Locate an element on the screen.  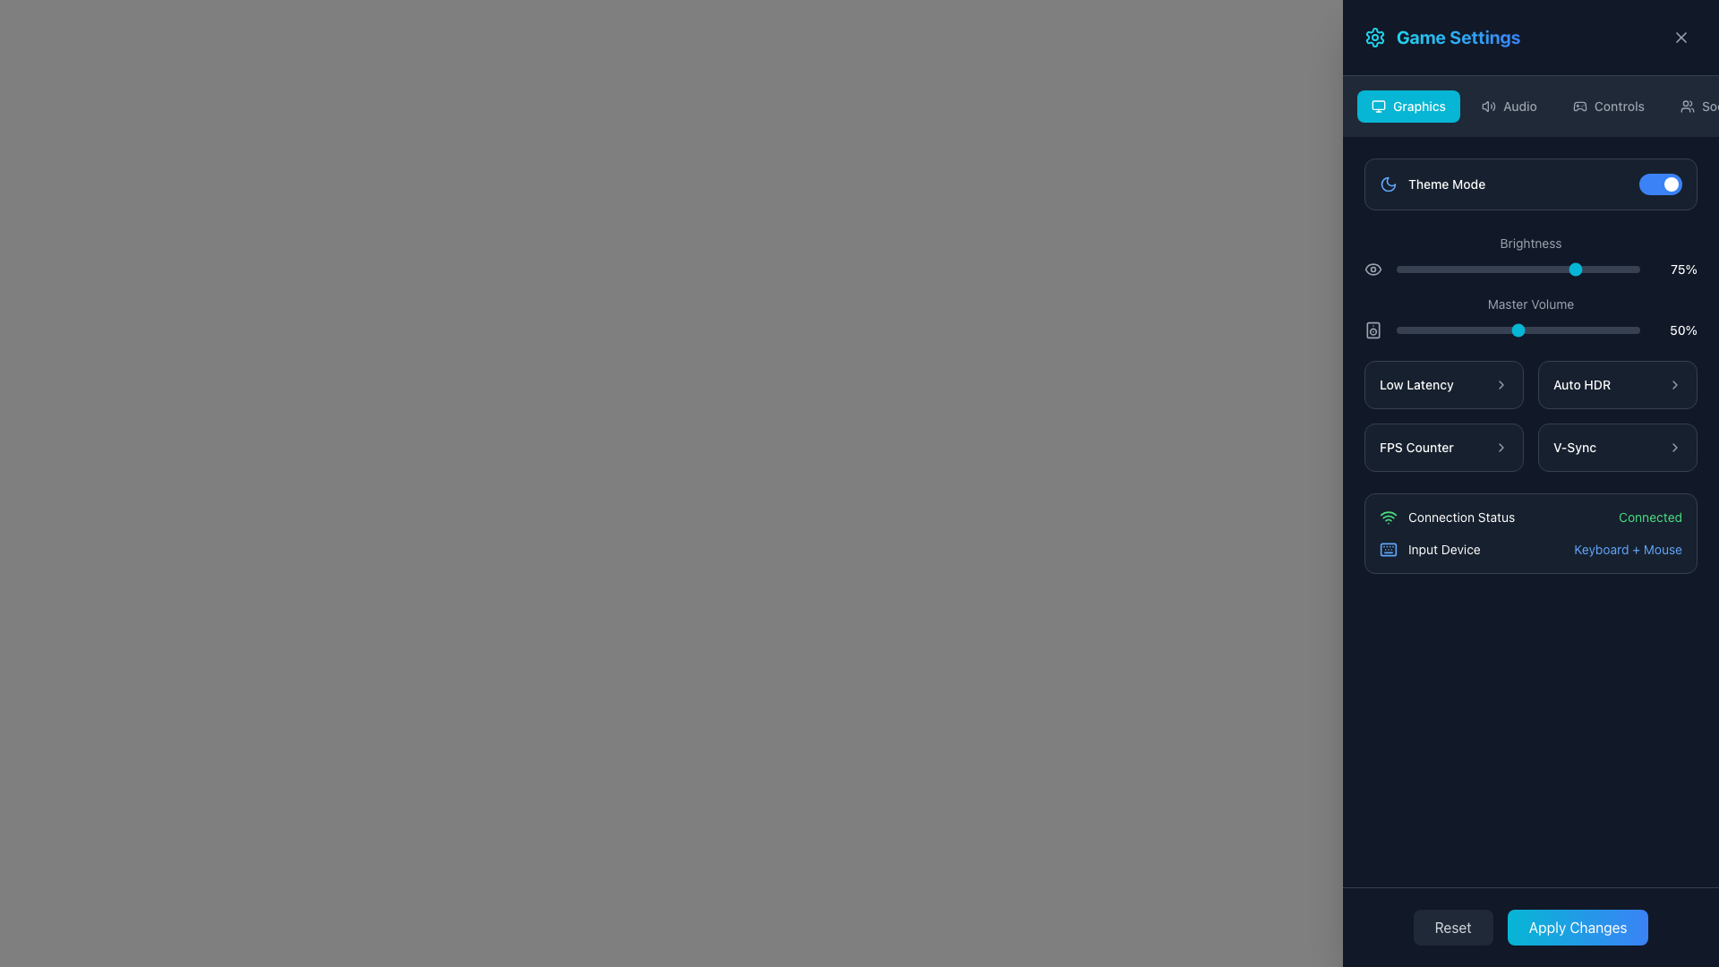
the 'Auto HDR' label in the graphics settings section, which indicates the title of the Auto HDR feature is located at coordinates (1582, 383).